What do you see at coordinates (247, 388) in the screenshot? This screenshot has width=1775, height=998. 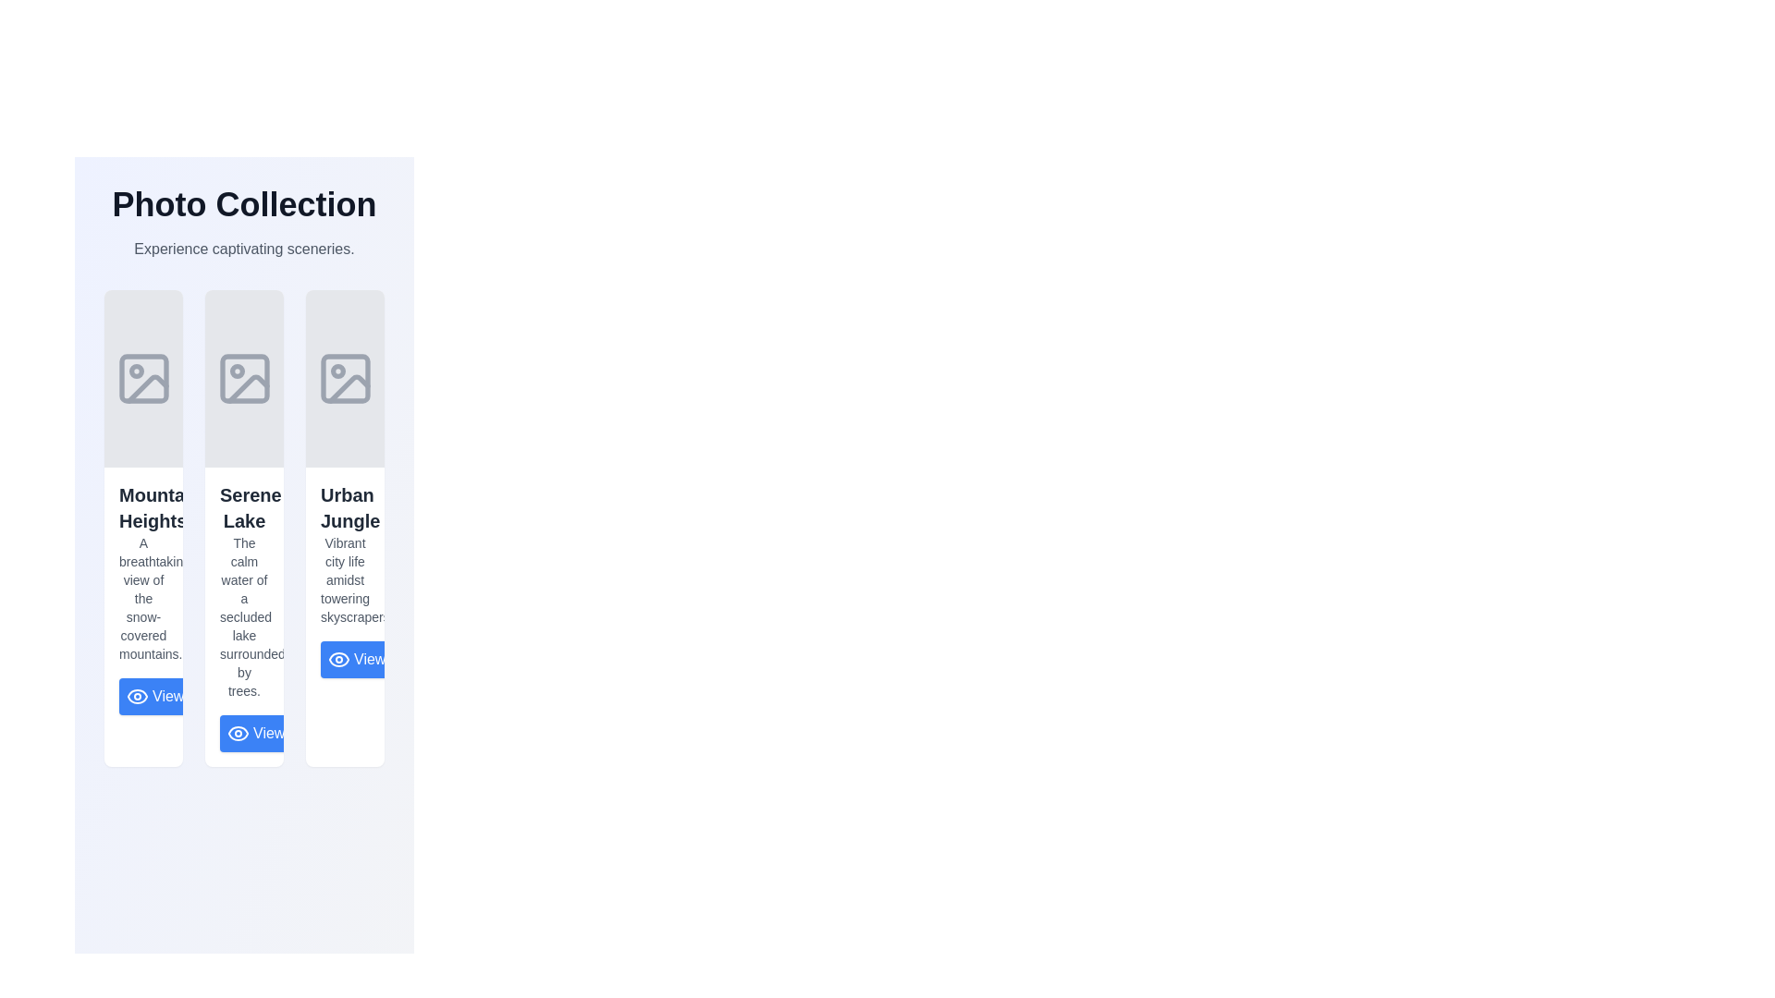 I see `the middle icon of a vertical triplet arrangement, which is a non-interactive Graphical Icon located above the text labeled 'Serene Lake'` at bounding box center [247, 388].